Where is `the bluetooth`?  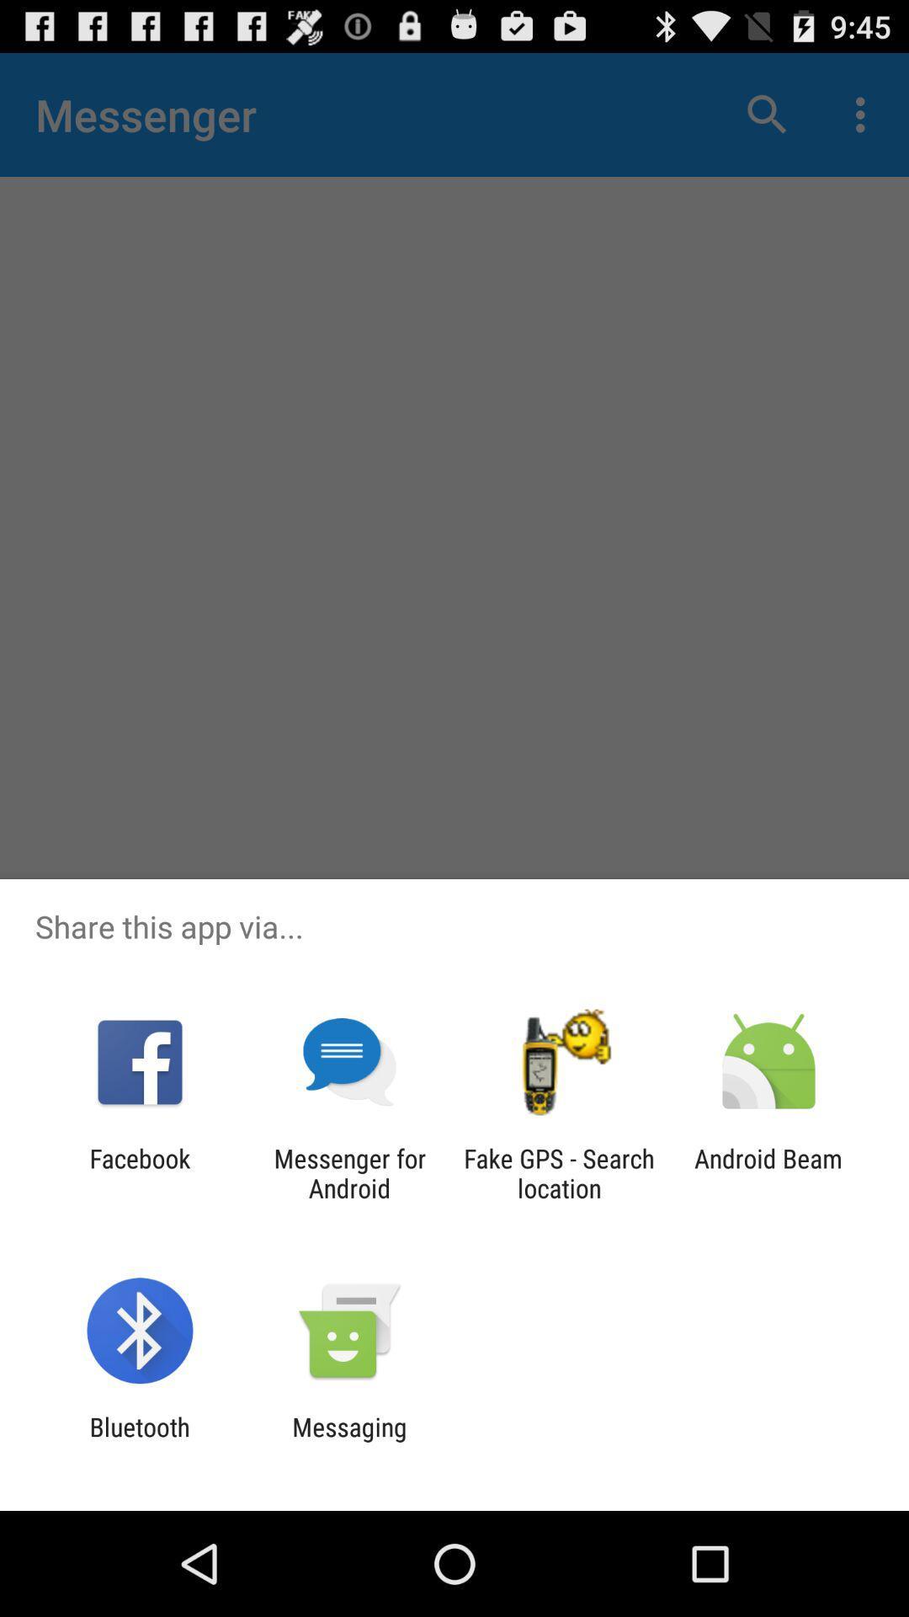 the bluetooth is located at coordinates (139, 1441).